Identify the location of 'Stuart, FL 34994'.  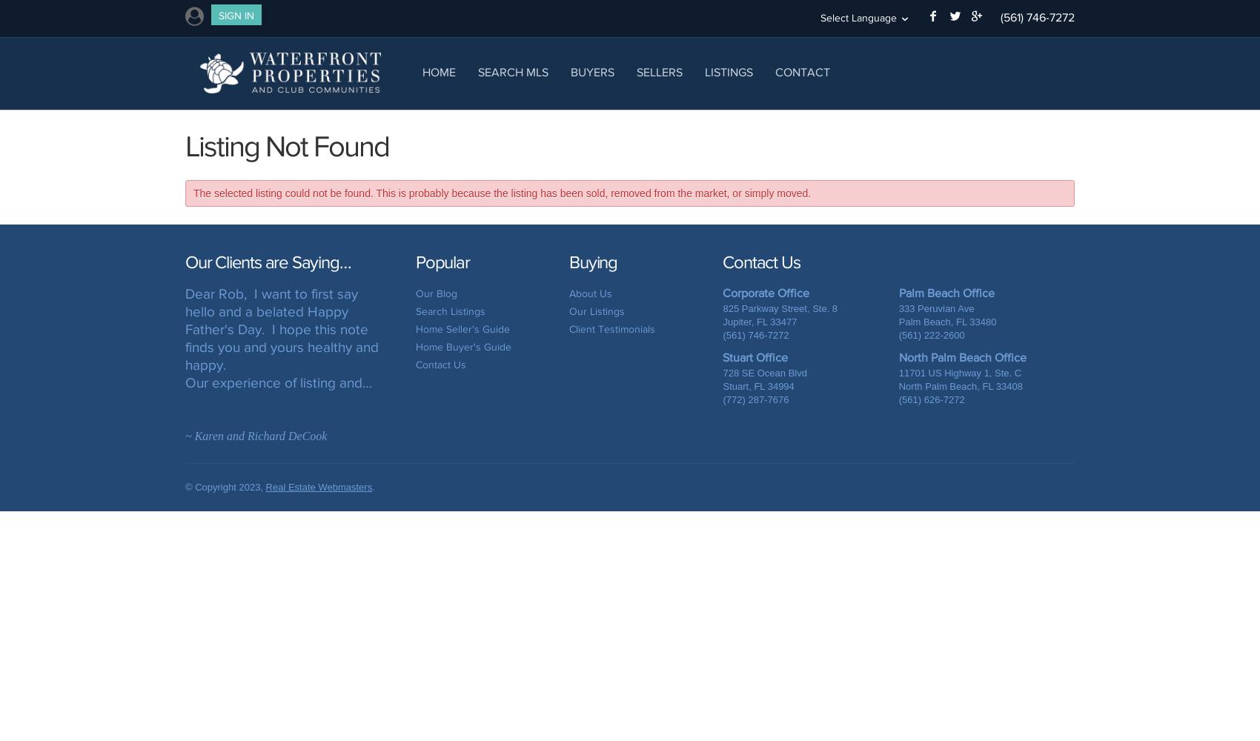
(757, 385).